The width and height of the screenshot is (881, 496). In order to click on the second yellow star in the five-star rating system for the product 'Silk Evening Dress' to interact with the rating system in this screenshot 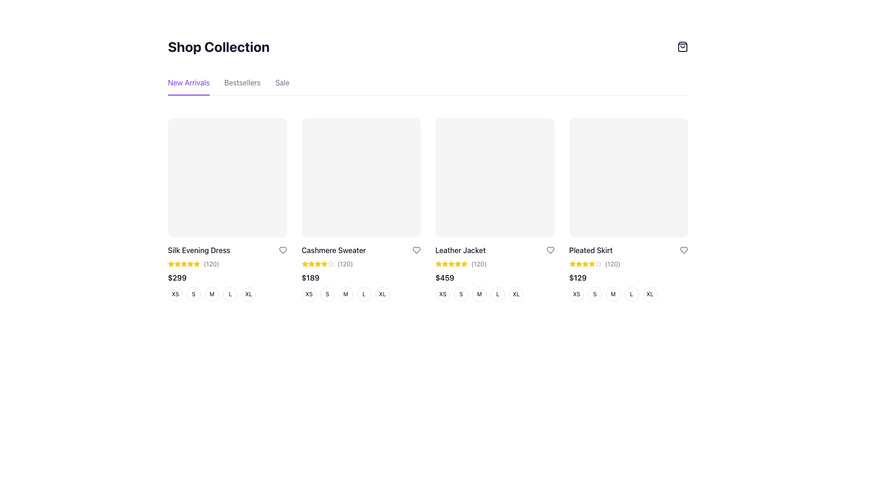, I will do `click(190, 264)`.